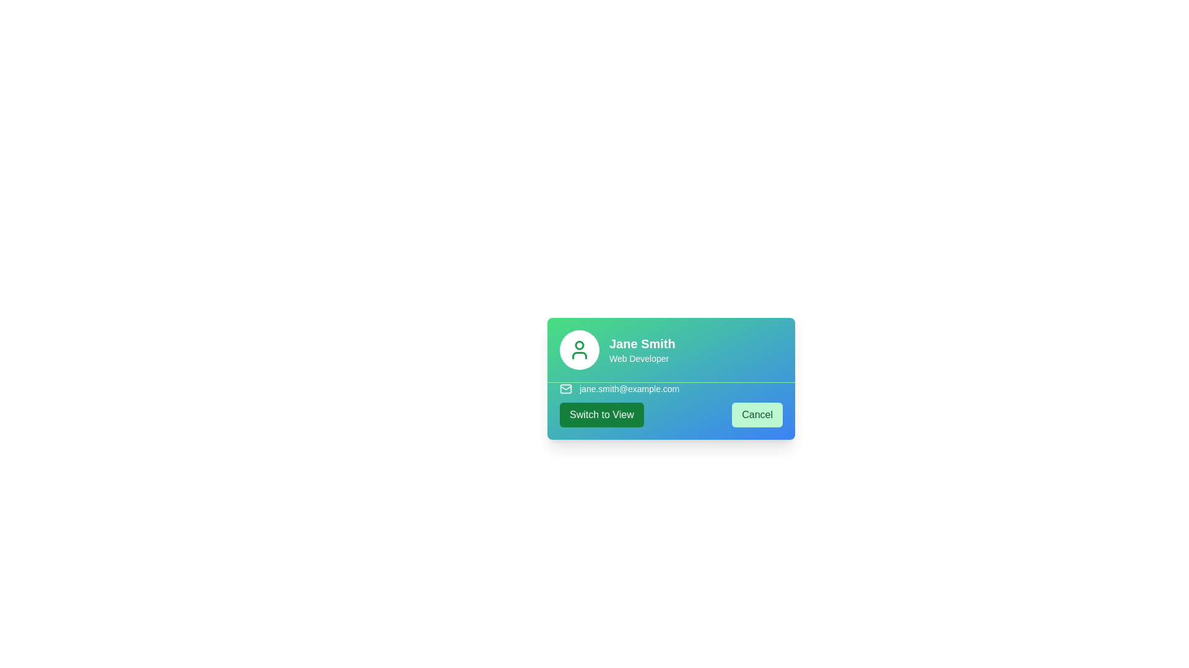 The width and height of the screenshot is (1189, 668). I want to click on the email address displayed in the Email display panel located below 'Jane Smith - Web Developer' and above the buttons 'Switch to View' and 'Cancel', so click(671, 388).